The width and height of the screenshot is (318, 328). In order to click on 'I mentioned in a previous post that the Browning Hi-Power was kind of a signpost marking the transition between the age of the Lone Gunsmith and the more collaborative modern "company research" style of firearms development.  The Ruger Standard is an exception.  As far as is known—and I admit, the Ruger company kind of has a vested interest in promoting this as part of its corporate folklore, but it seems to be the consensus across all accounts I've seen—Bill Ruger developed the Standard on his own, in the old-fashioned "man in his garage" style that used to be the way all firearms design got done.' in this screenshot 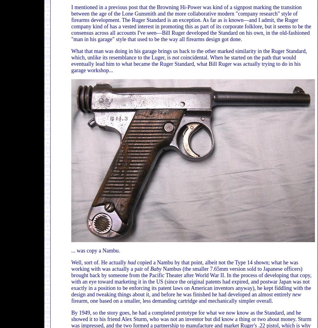, I will do `click(191, 23)`.